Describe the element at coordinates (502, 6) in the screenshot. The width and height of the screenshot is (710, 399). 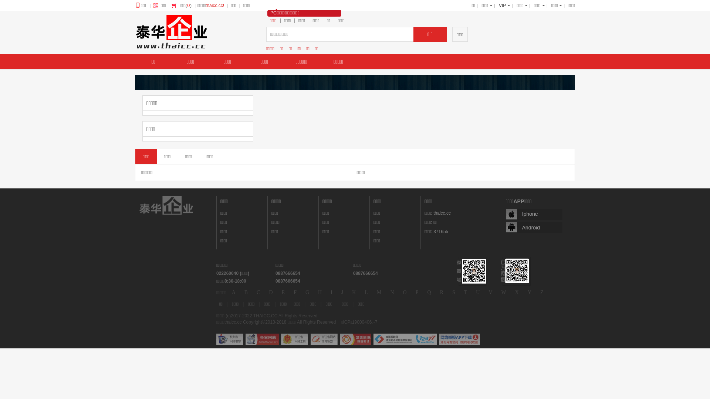
I see `'VIP'` at that location.